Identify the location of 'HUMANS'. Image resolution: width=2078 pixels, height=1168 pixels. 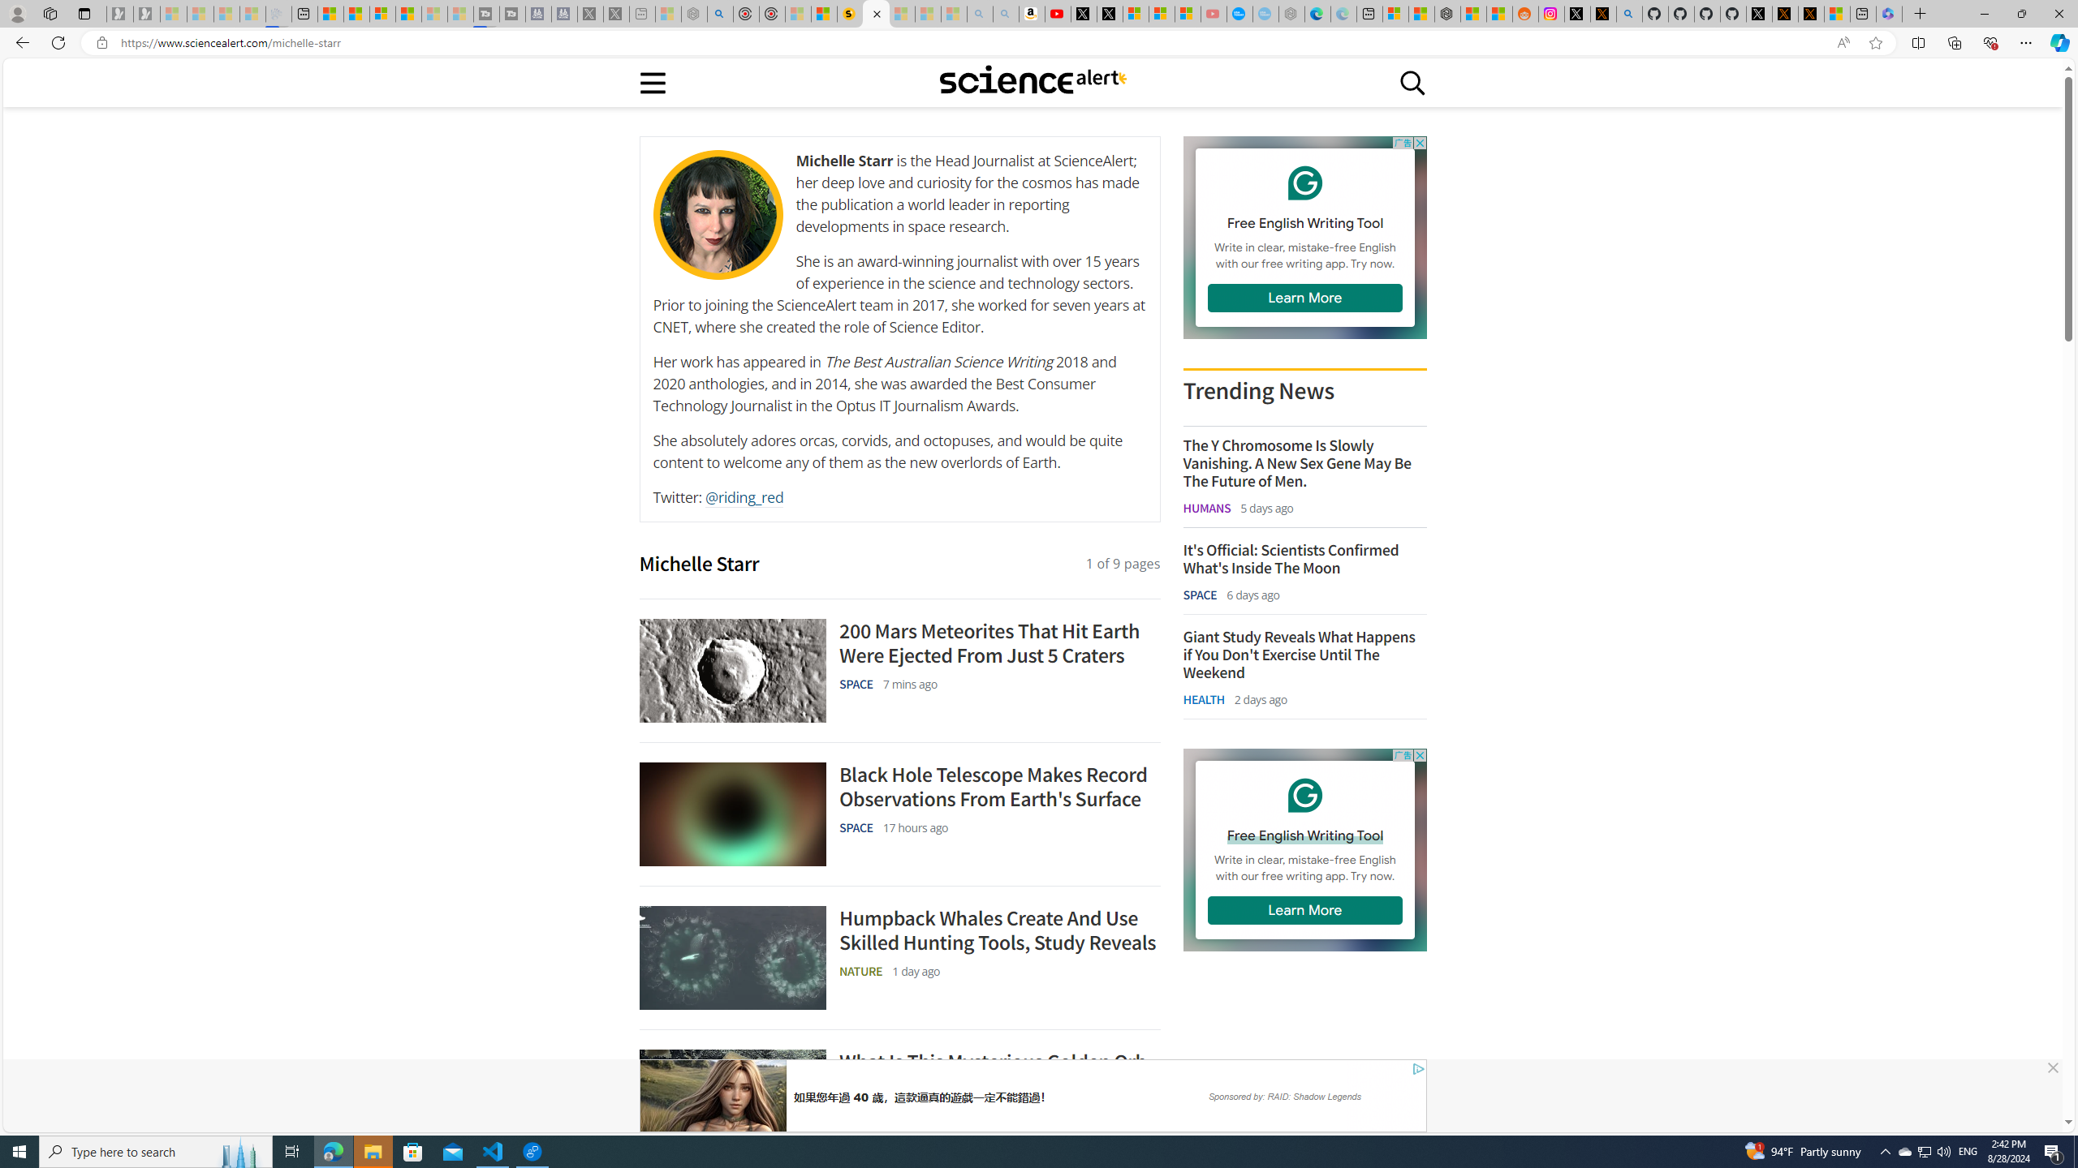
(1207, 506).